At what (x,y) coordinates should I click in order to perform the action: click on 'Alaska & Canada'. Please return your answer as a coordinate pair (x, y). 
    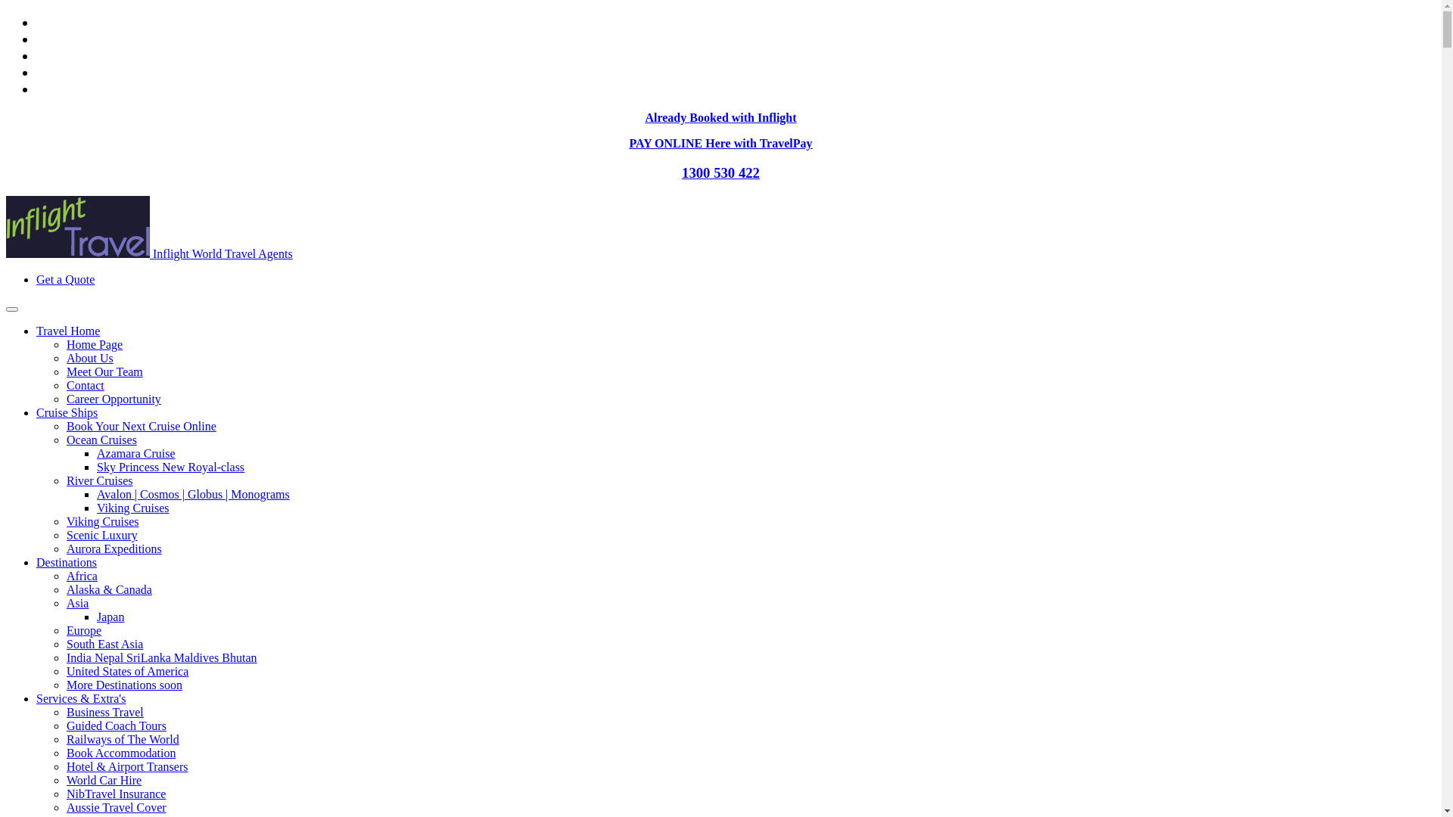
    Looking at the image, I should click on (108, 589).